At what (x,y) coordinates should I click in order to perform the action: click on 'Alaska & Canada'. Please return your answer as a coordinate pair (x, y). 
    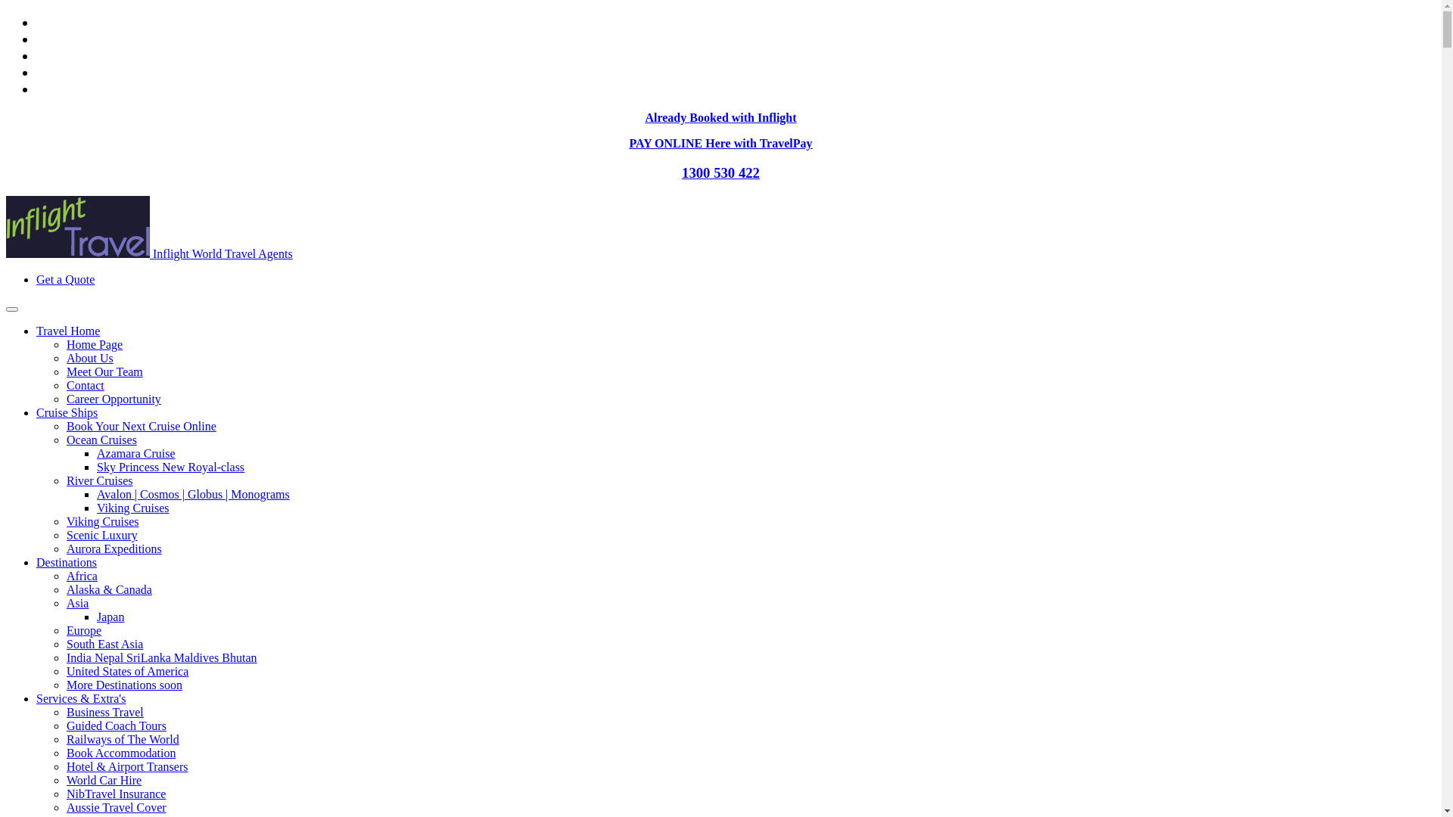
    Looking at the image, I should click on (108, 589).